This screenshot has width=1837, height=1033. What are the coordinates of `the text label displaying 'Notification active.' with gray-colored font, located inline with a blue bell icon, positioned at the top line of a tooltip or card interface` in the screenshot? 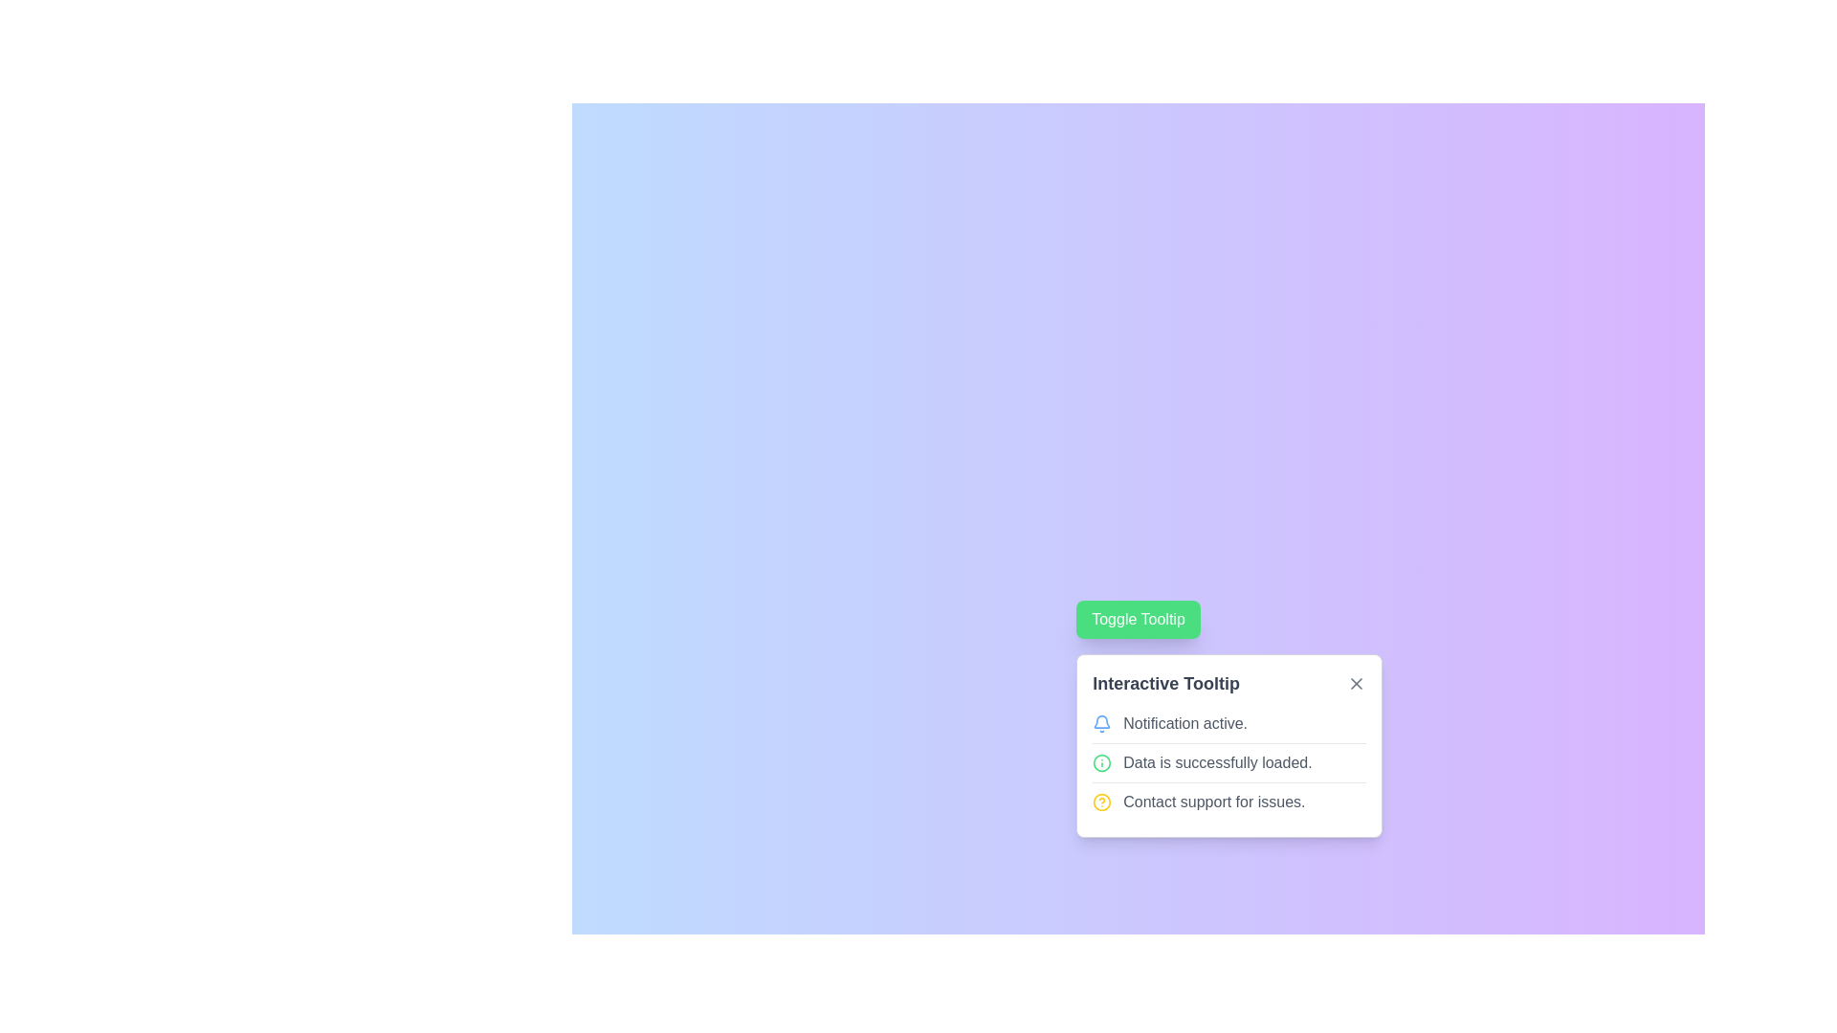 It's located at (1184, 723).